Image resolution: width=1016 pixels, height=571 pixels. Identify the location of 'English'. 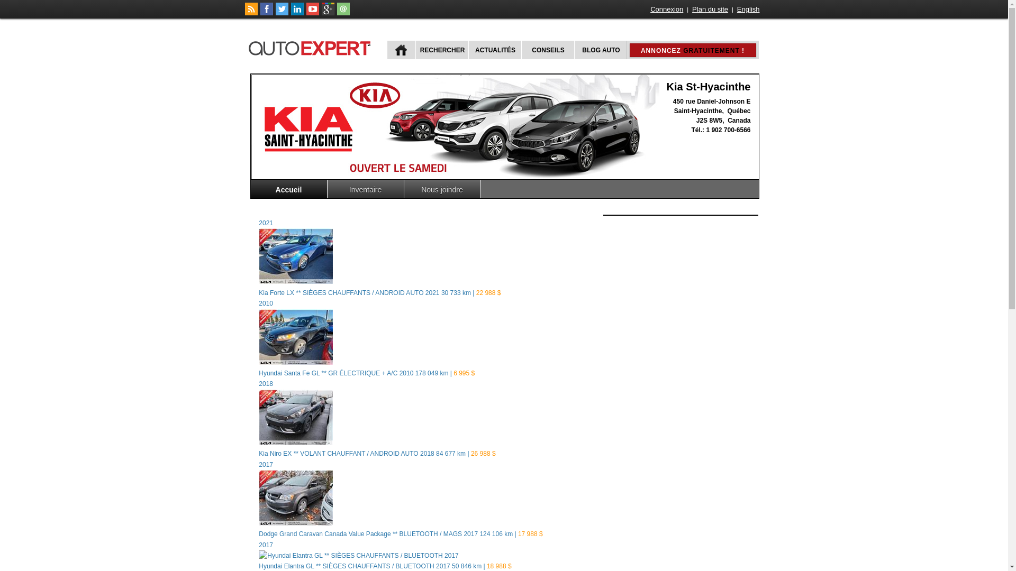
(748, 9).